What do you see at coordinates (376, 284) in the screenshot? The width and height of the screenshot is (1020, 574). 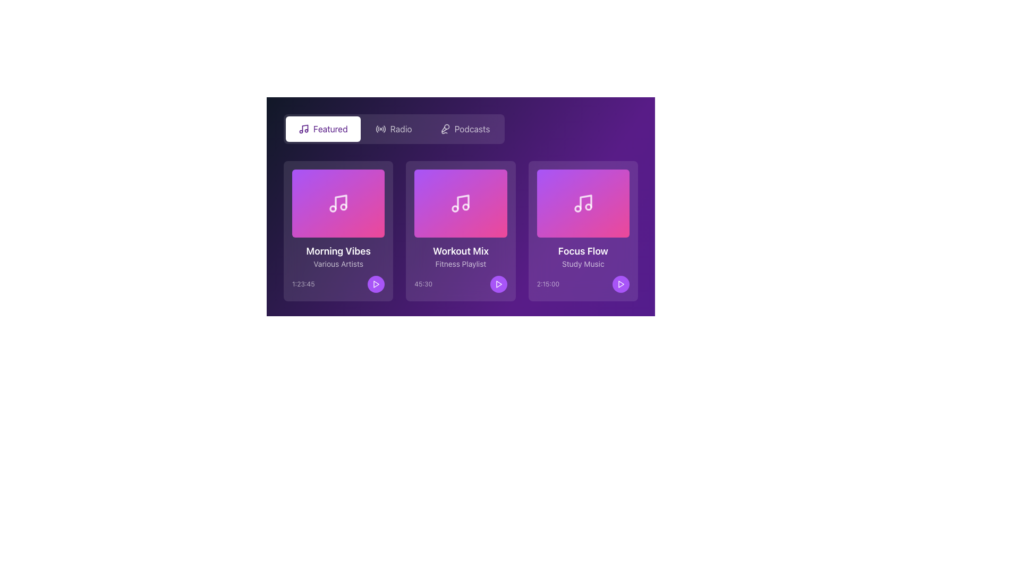 I see `the interactive play button located in the bottom-right corner of the first card, which is associated with the label 'Morning Vibes Various Artists' and the time indicator '1:23:45'` at bounding box center [376, 284].